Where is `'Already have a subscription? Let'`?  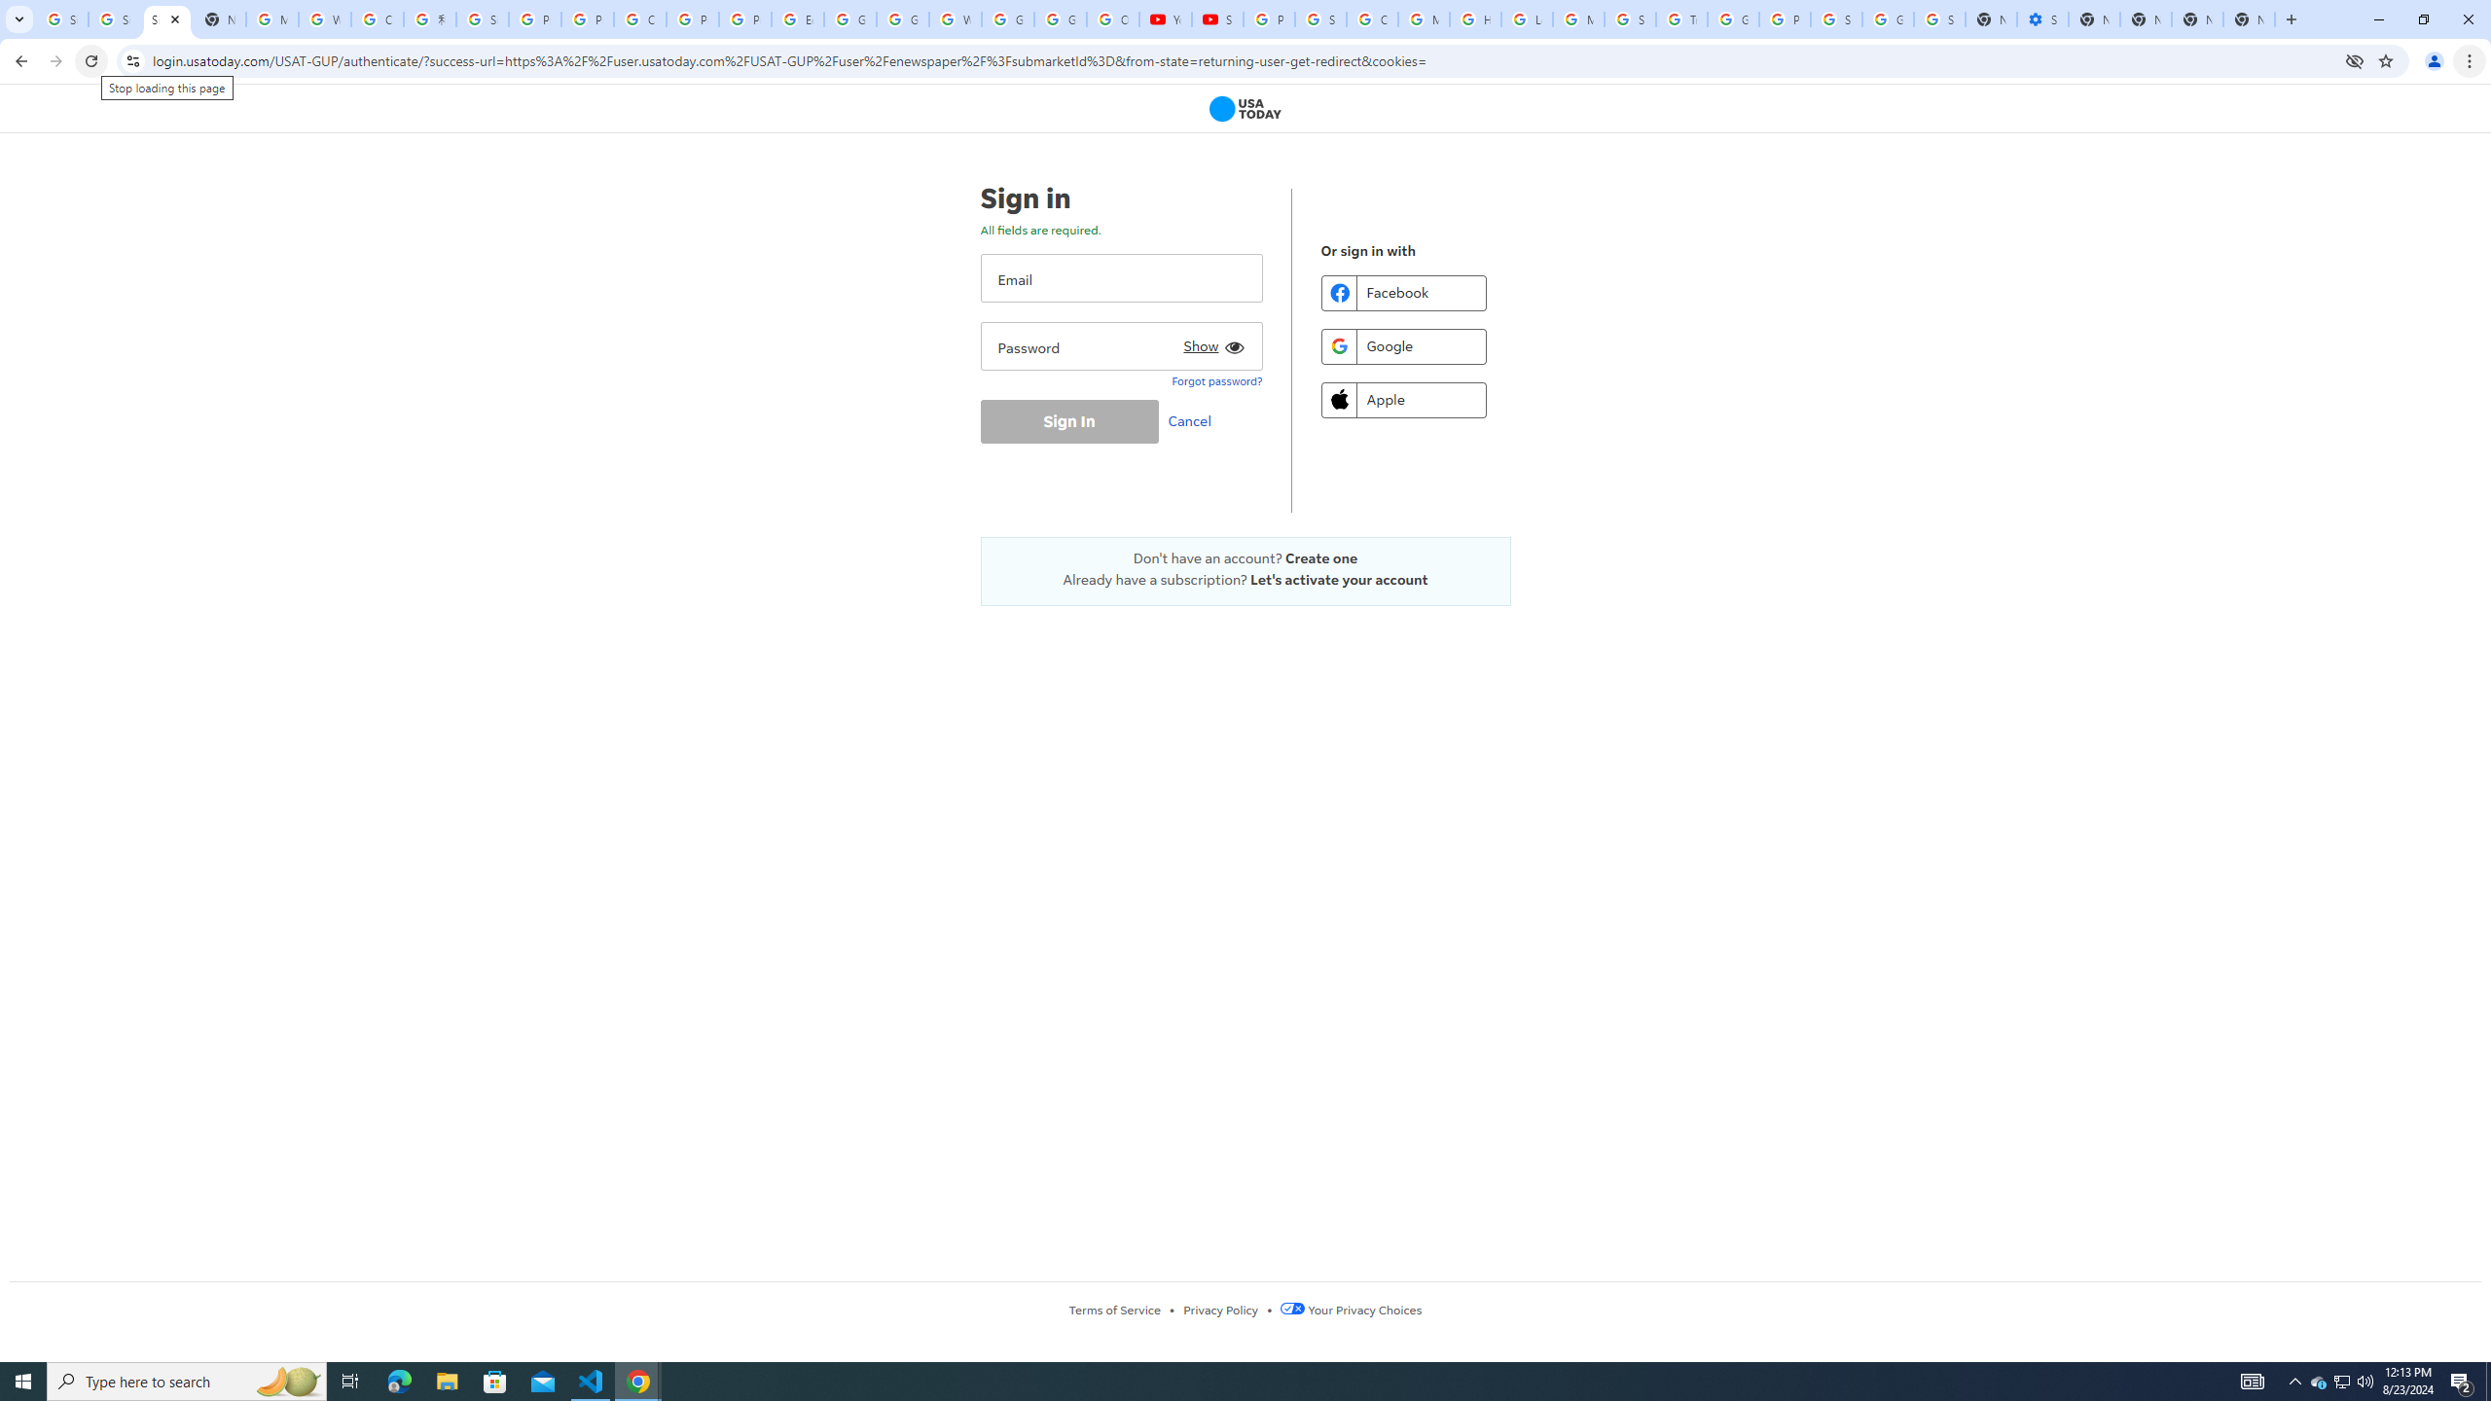
'Already have a subscription? Let' is located at coordinates (1245, 579).